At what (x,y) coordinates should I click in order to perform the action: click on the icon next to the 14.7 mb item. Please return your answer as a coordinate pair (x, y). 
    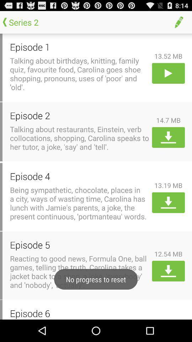
    Looking at the image, I should click on (79, 115).